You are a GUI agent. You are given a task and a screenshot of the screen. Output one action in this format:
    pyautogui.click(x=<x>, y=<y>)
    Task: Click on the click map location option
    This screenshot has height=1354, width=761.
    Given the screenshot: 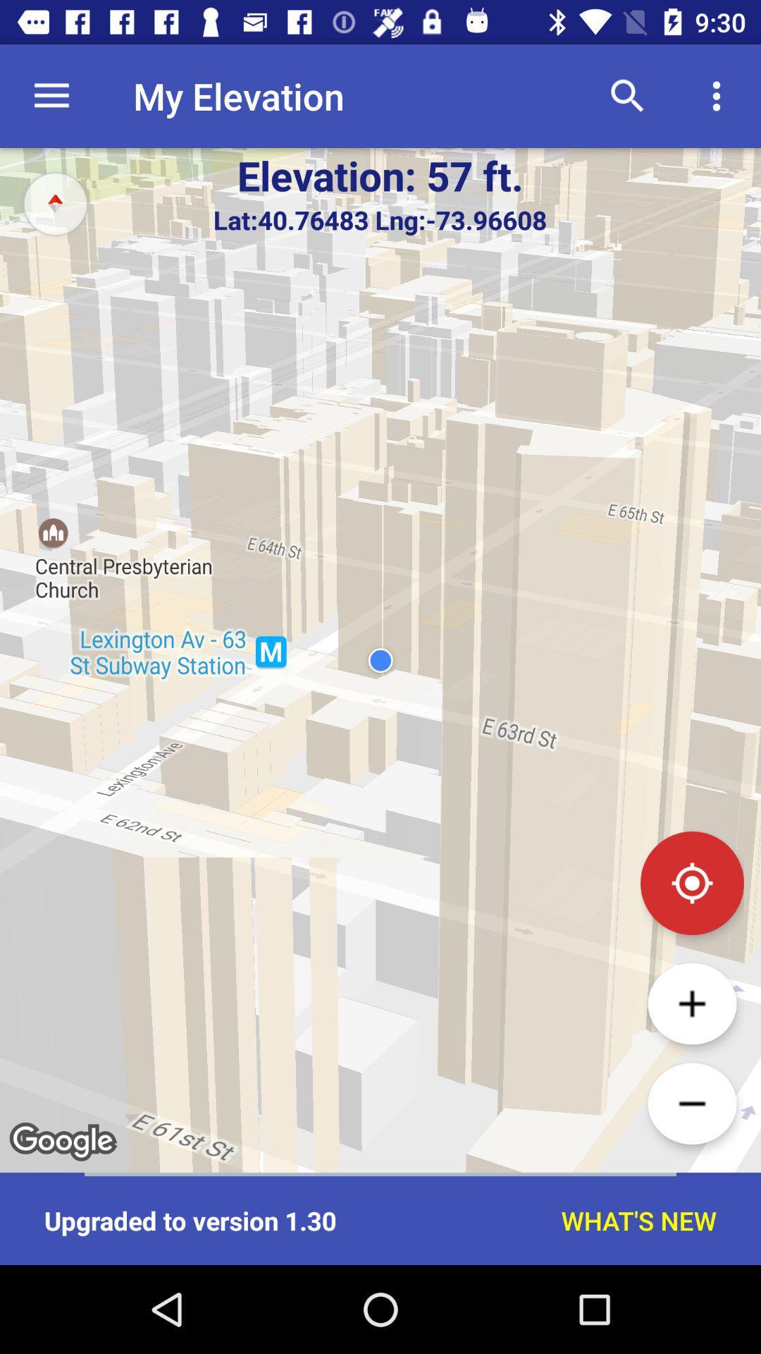 What is the action you would take?
    pyautogui.click(x=691, y=882)
    